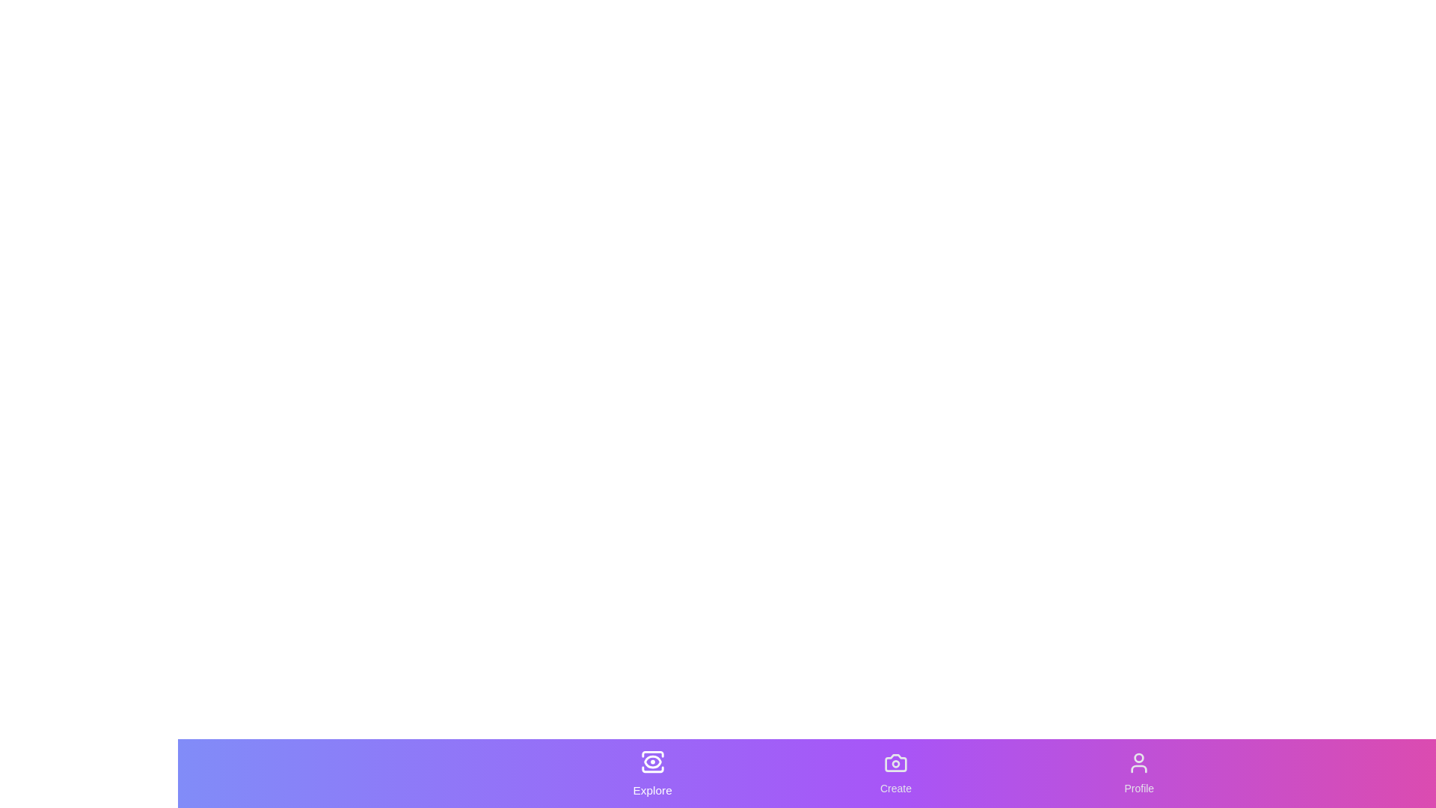  Describe the element at coordinates (896, 773) in the screenshot. I see `the 'Create' tab to activate it` at that location.